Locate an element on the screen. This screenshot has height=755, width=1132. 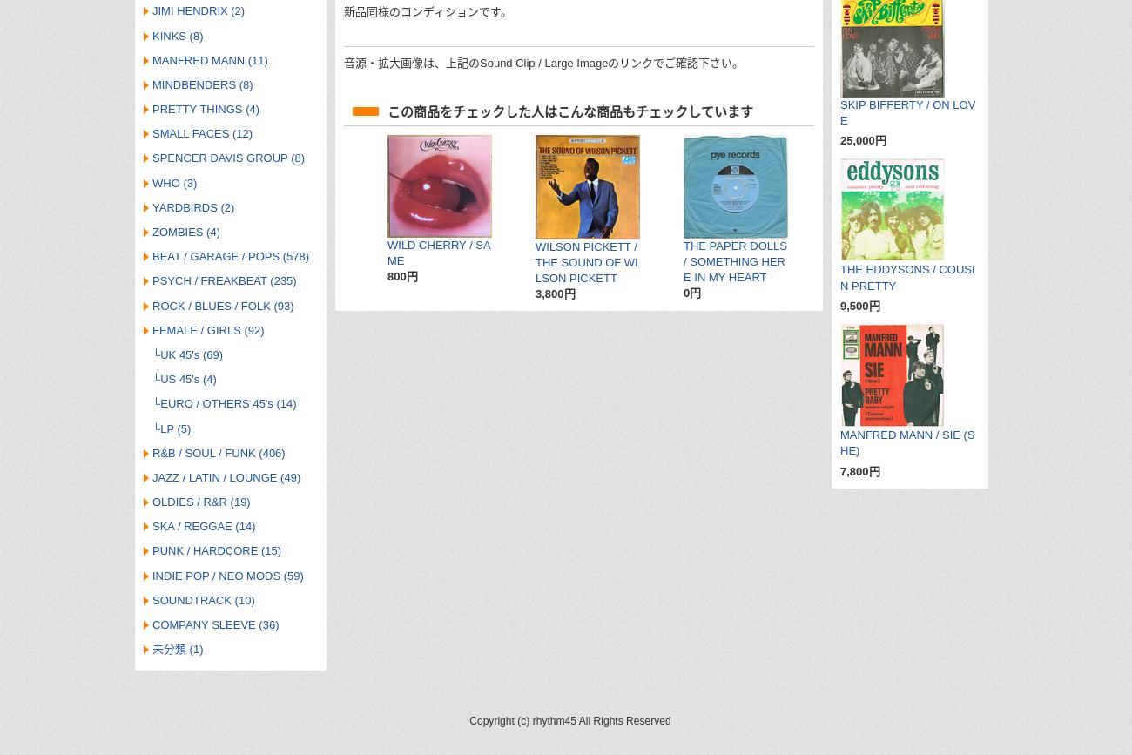
'JIMI HENDRIX (2)' is located at coordinates (198, 10).